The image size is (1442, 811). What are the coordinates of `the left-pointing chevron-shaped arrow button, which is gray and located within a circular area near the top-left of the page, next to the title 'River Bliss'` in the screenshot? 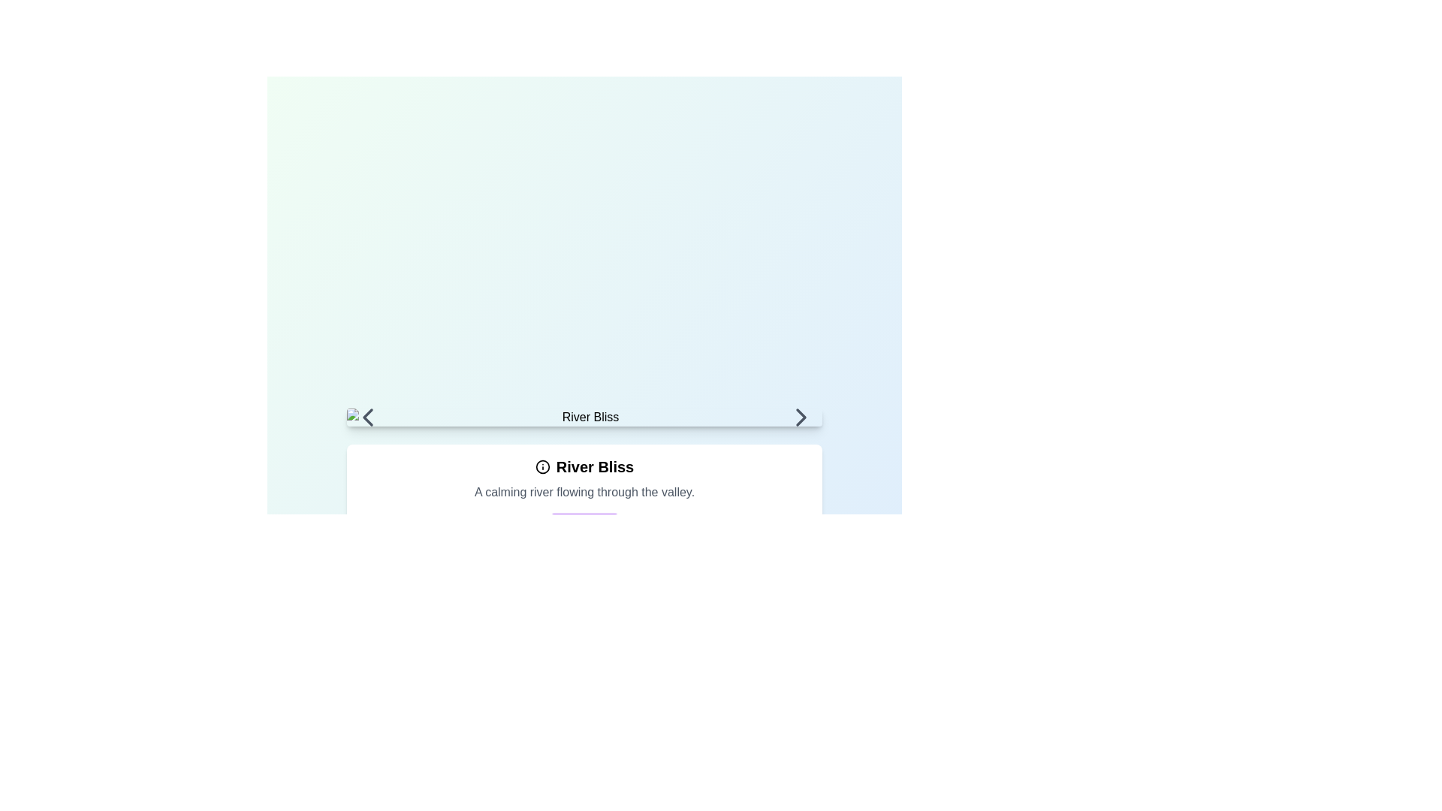 It's located at (367, 417).